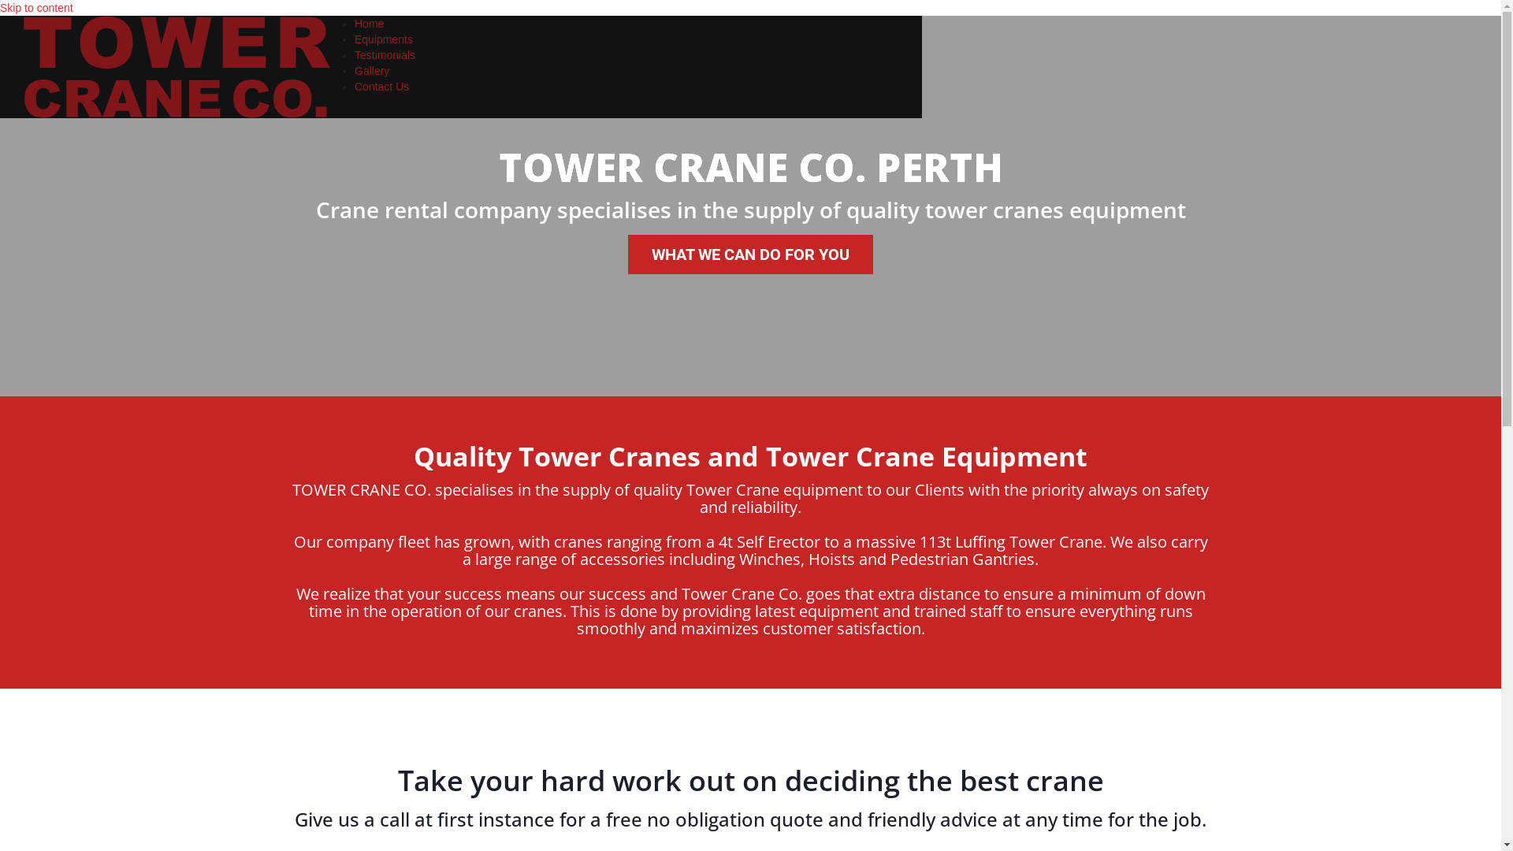 The width and height of the screenshot is (1513, 851). I want to click on 'Testimonials', so click(385, 54).